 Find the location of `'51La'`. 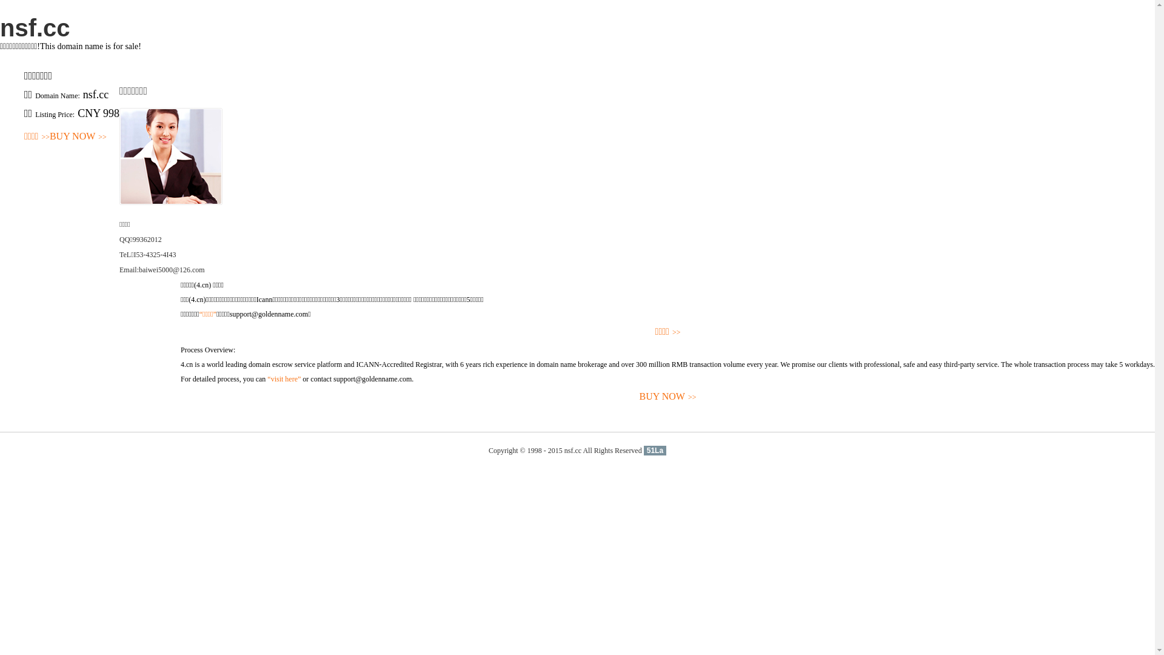

'51La' is located at coordinates (654, 451).